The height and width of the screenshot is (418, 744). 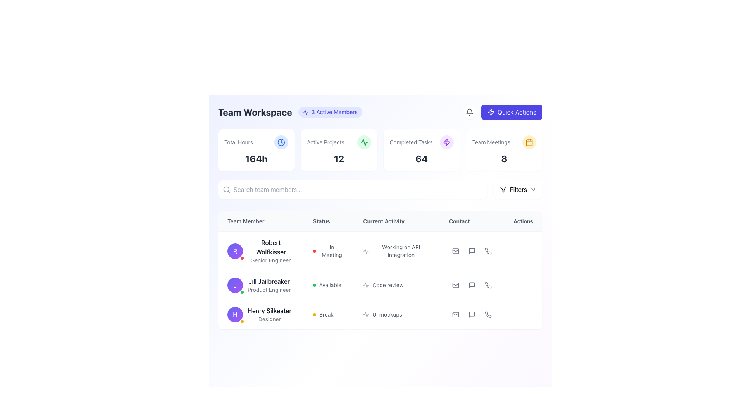 I want to click on the outlined telephone receiver icon in the 'Actions' column of the first row to initiate a phone call, so click(x=487, y=251).